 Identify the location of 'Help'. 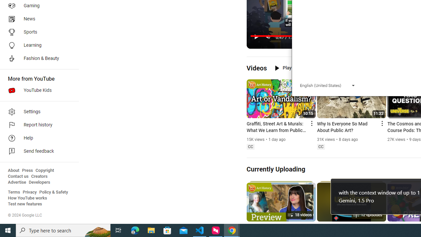
(37, 138).